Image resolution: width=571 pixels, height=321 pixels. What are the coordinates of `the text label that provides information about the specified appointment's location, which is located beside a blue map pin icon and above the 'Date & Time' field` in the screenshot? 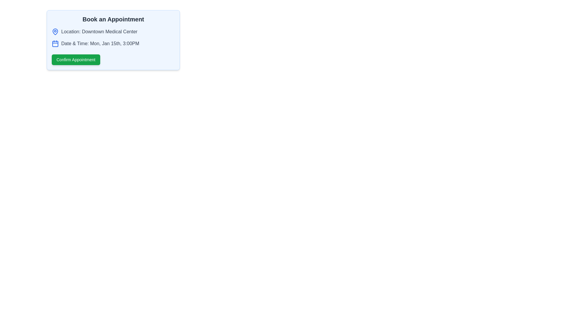 It's located at (99, 32).